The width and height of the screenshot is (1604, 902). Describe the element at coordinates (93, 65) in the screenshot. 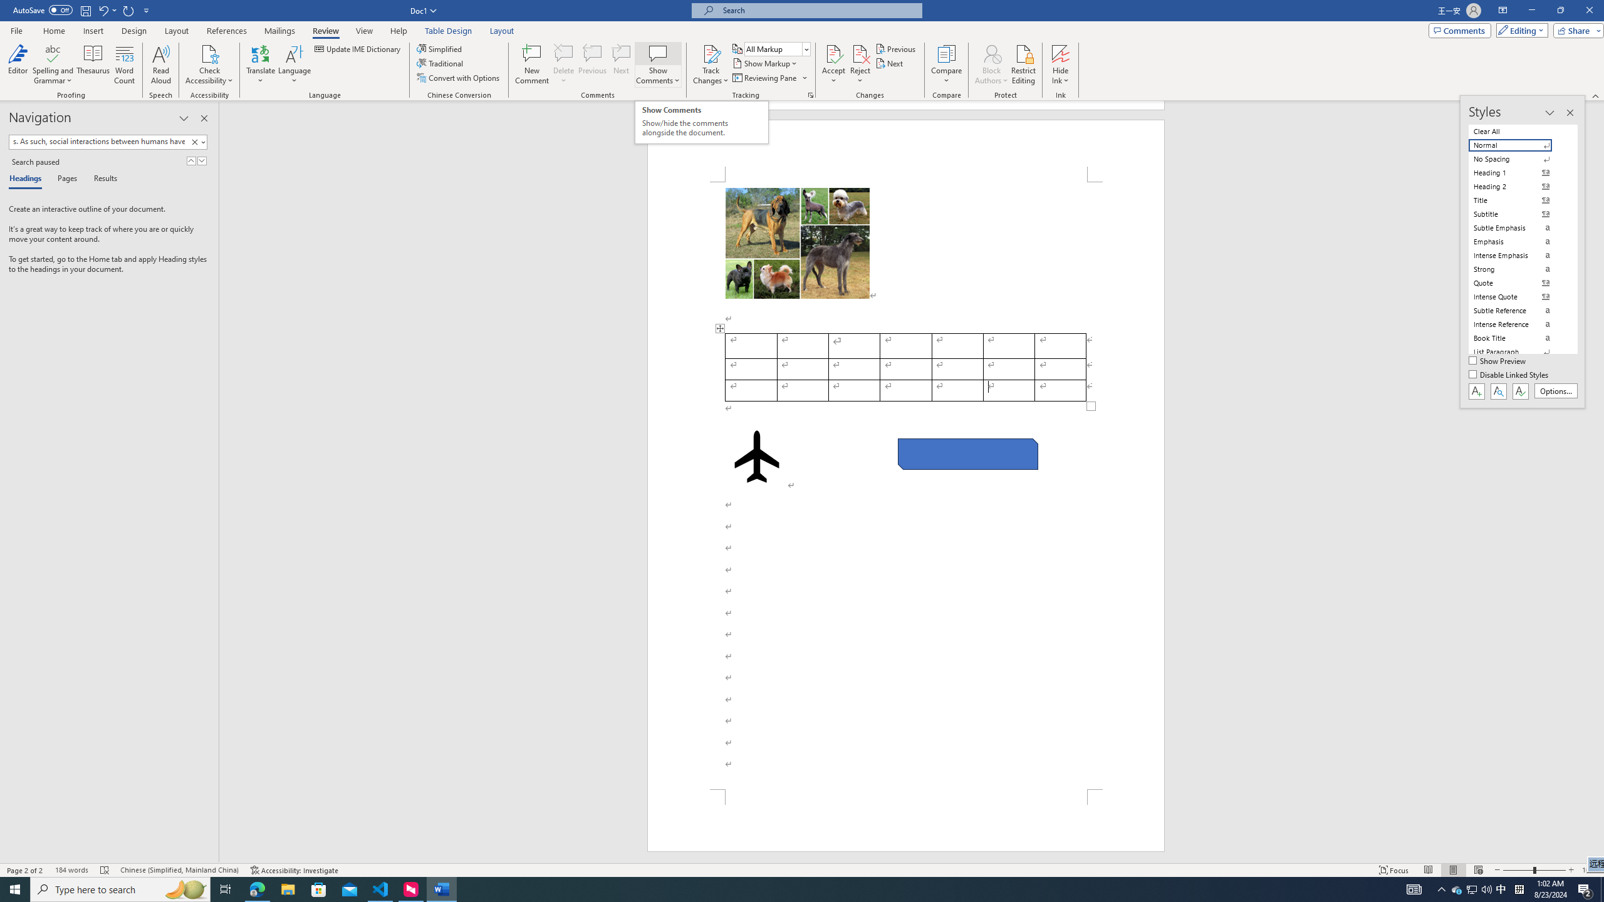

I see `'Thesaurus...'` at that location.